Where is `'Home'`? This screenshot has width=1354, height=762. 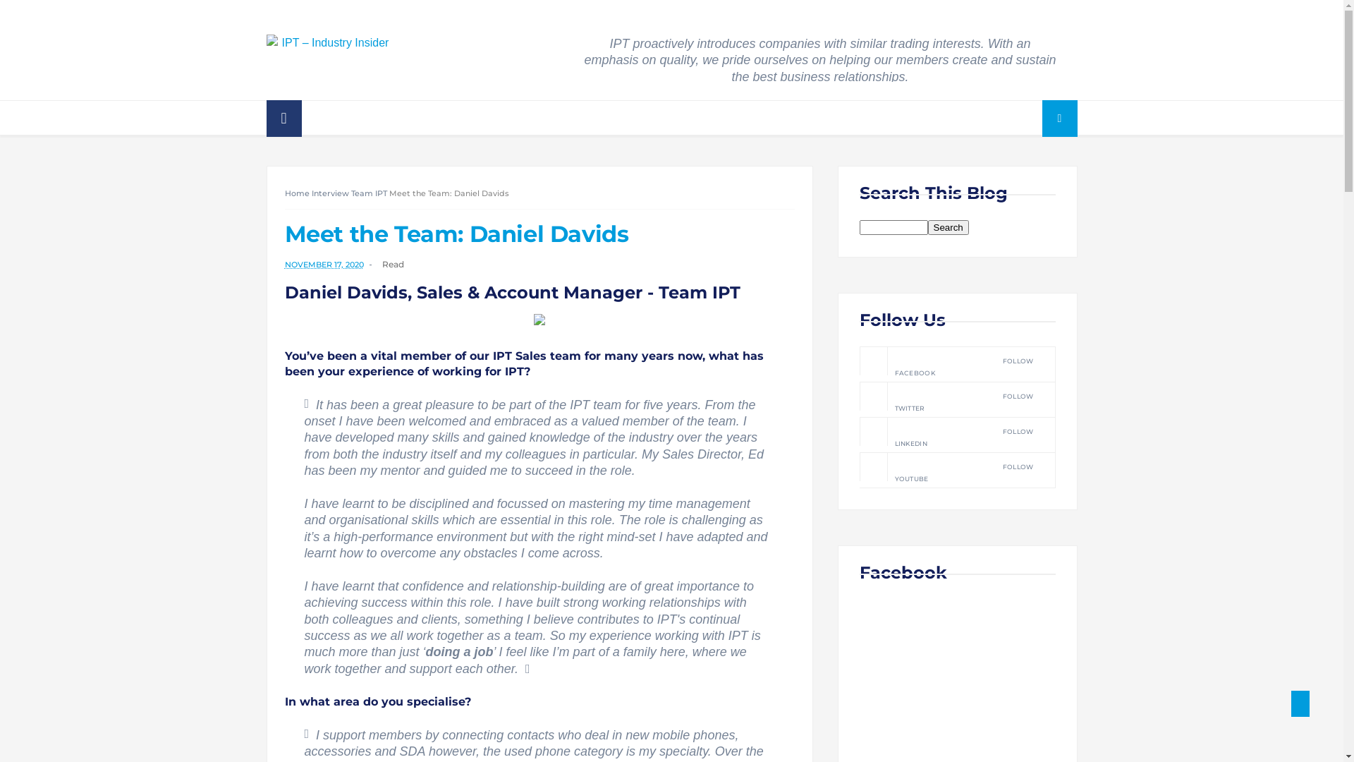 'Home' is located at coordinates (296, 193).